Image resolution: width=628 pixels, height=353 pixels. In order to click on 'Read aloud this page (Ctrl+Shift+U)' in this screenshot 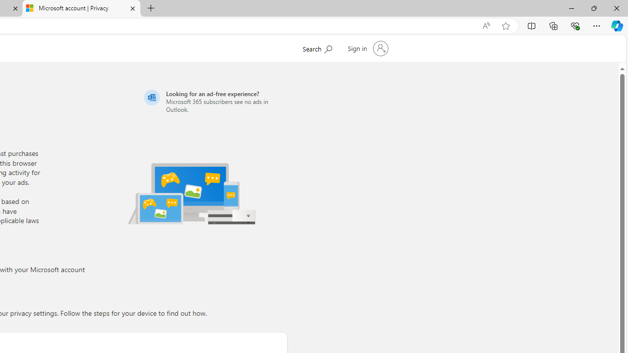, I will do `click(486, 25)`.